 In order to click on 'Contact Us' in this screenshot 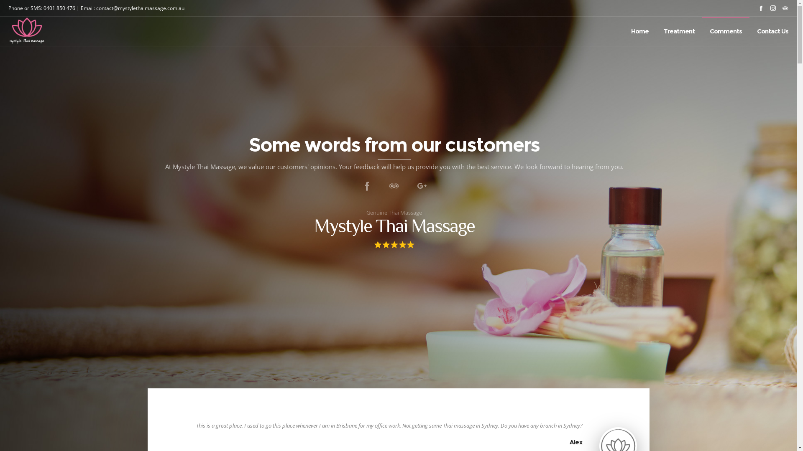, I will do `click(772, 30)`.